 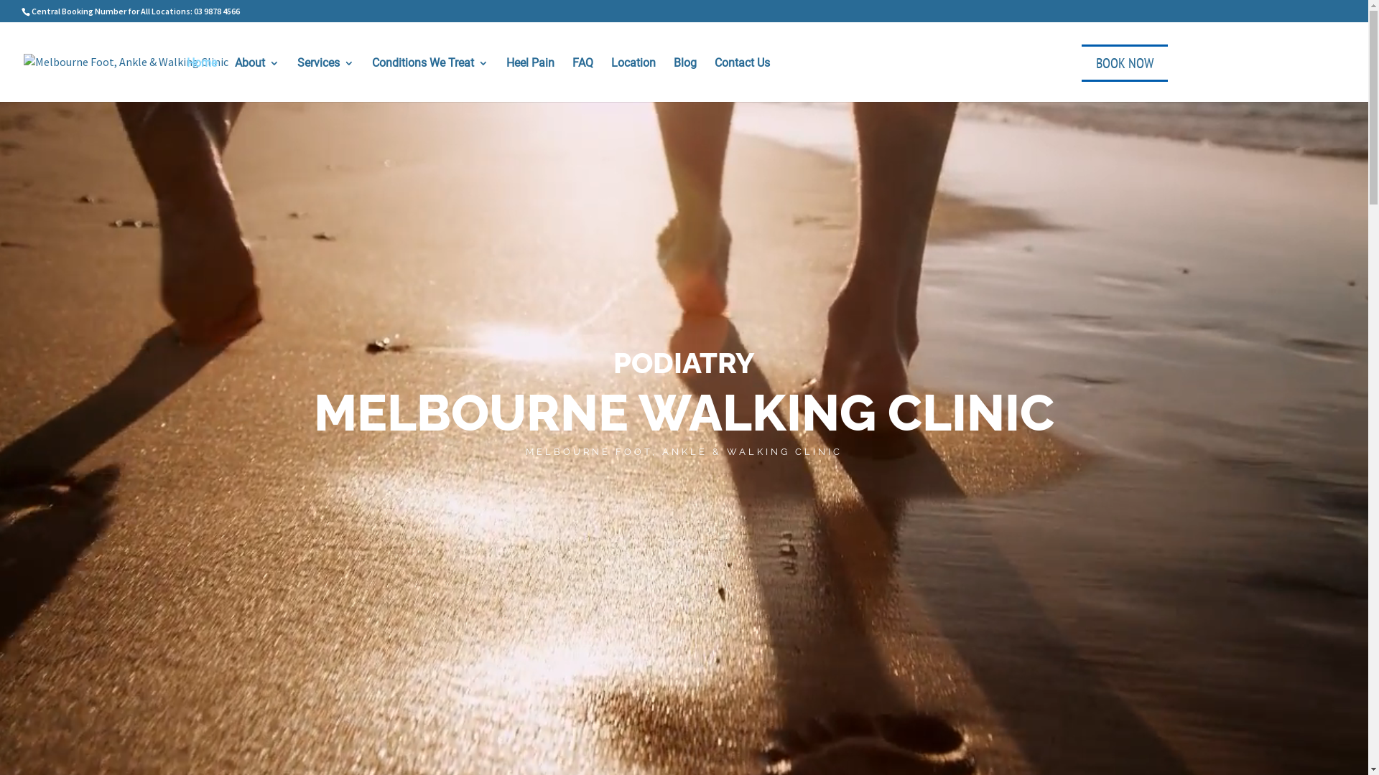 What do you see at coordinates (742, 77) in the screenshot?
I see `'Contact Us'` at bounding box center [742, 77].